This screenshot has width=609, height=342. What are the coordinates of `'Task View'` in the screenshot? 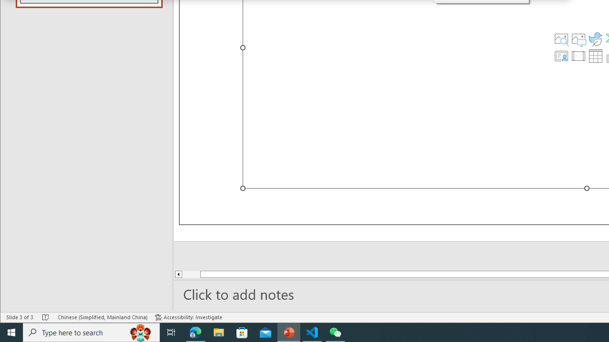 It's located at (171, 332).